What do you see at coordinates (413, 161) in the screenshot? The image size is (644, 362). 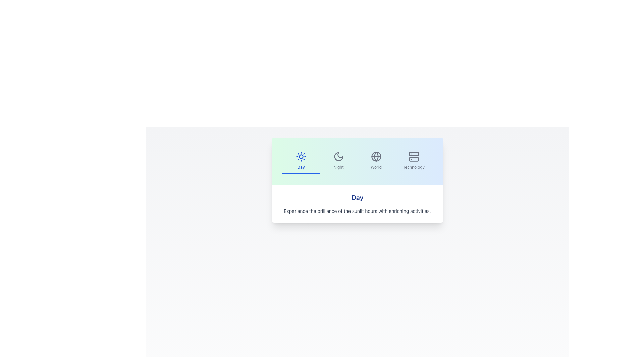 I see `the 'Technology' button located in the bottom-right horizontal menu bar` at bounding box center [413, 161].